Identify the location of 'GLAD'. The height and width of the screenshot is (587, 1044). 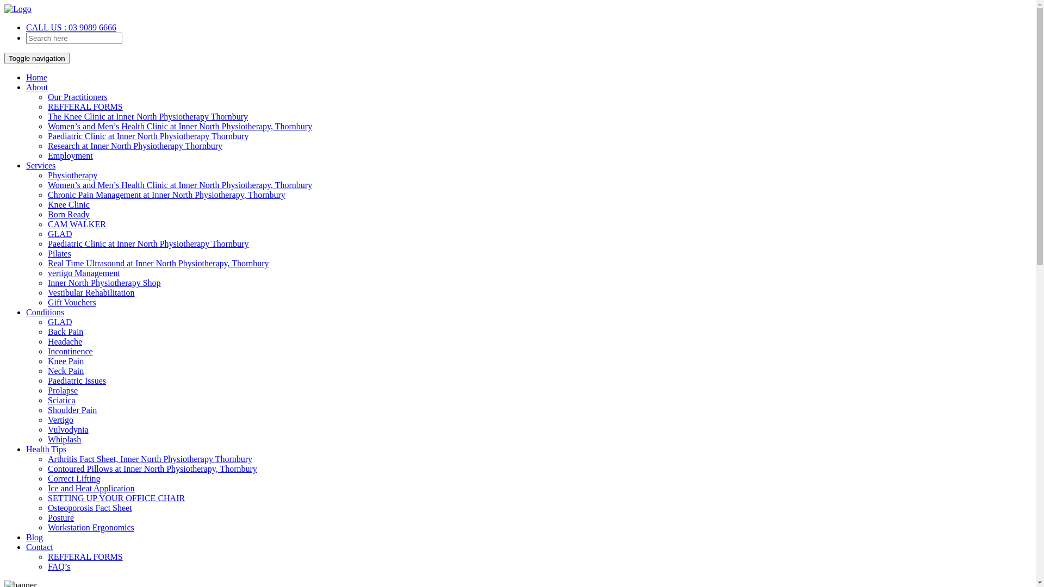
(59, 233).